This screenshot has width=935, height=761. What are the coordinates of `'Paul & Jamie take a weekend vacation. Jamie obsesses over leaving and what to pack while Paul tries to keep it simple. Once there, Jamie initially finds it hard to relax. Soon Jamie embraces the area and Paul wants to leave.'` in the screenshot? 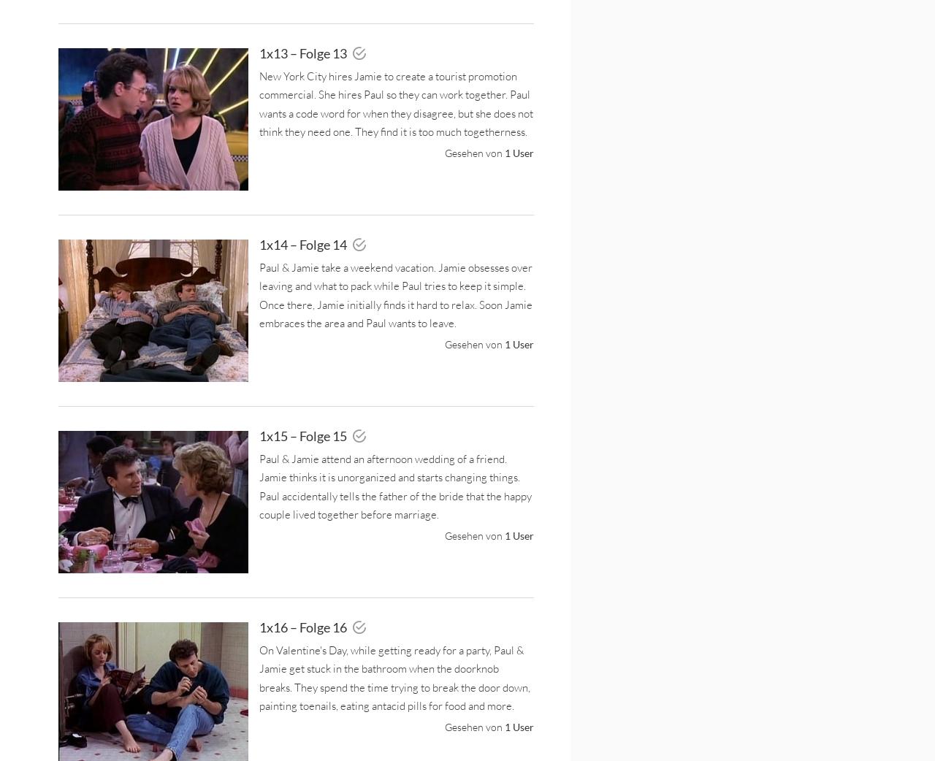 It's located at (395, 294).